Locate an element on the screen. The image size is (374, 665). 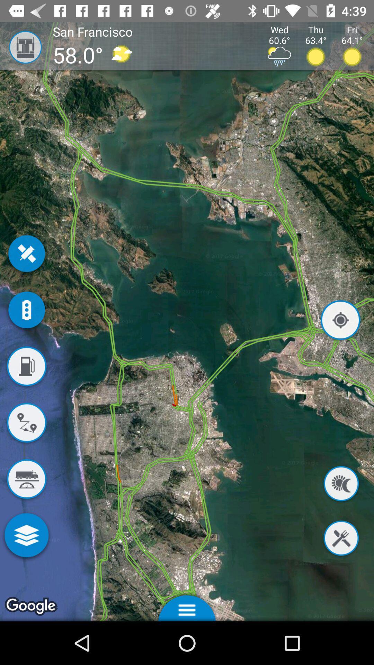
open directions page is located at coordinates (26, 424).